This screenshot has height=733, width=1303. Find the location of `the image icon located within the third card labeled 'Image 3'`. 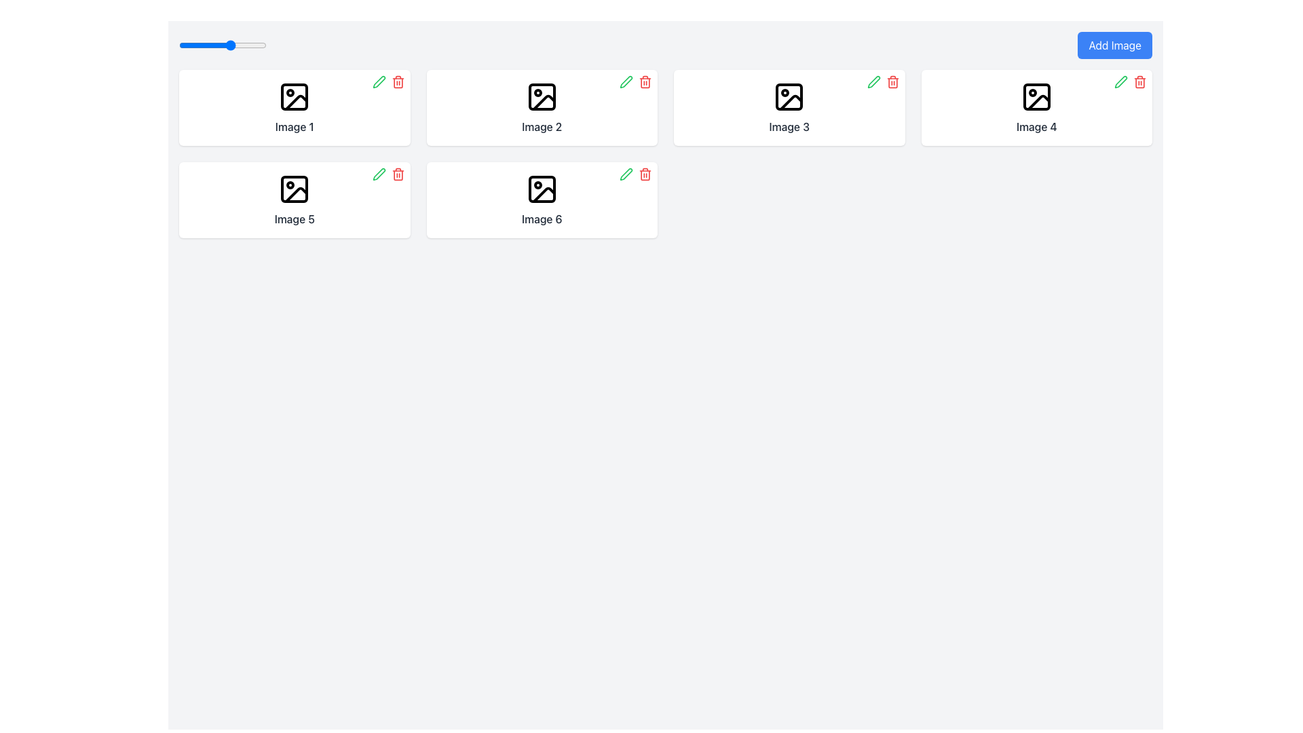

the image icon located within the third card labeled 'Image 3' is located at coordinates (789, 96).